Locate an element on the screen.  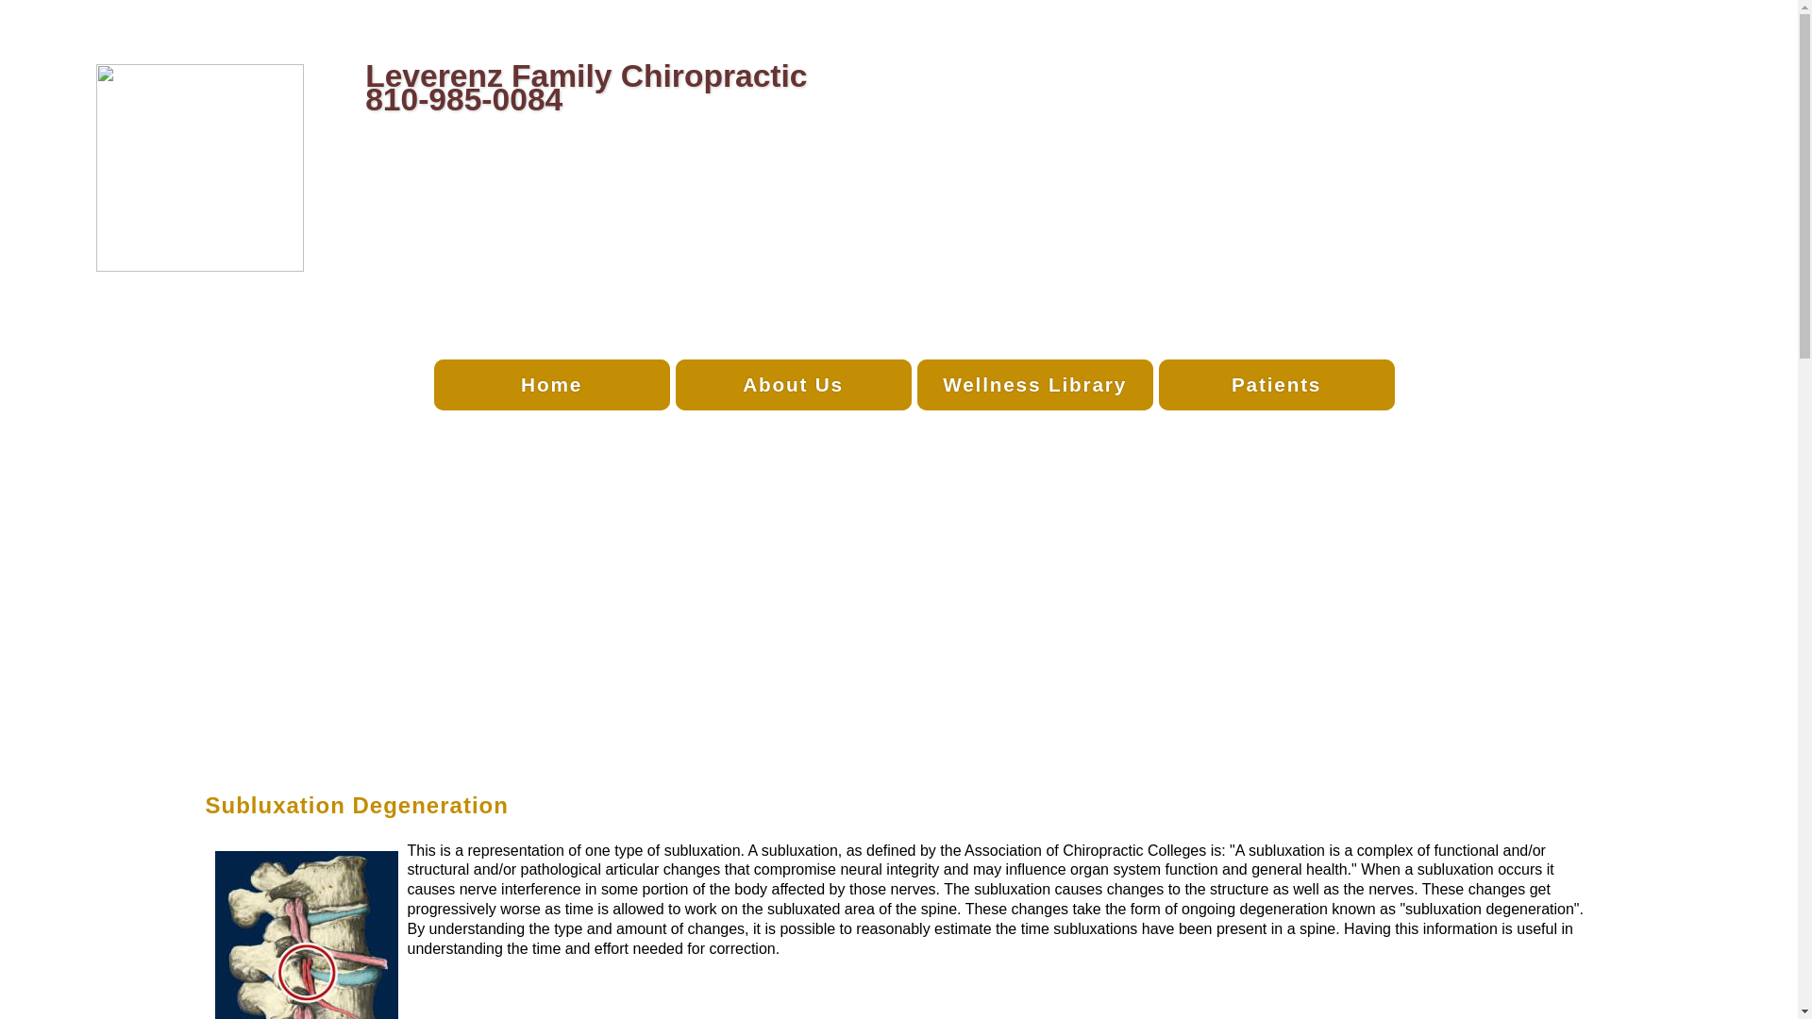
'About Us' is located at coordinates (793, 384).